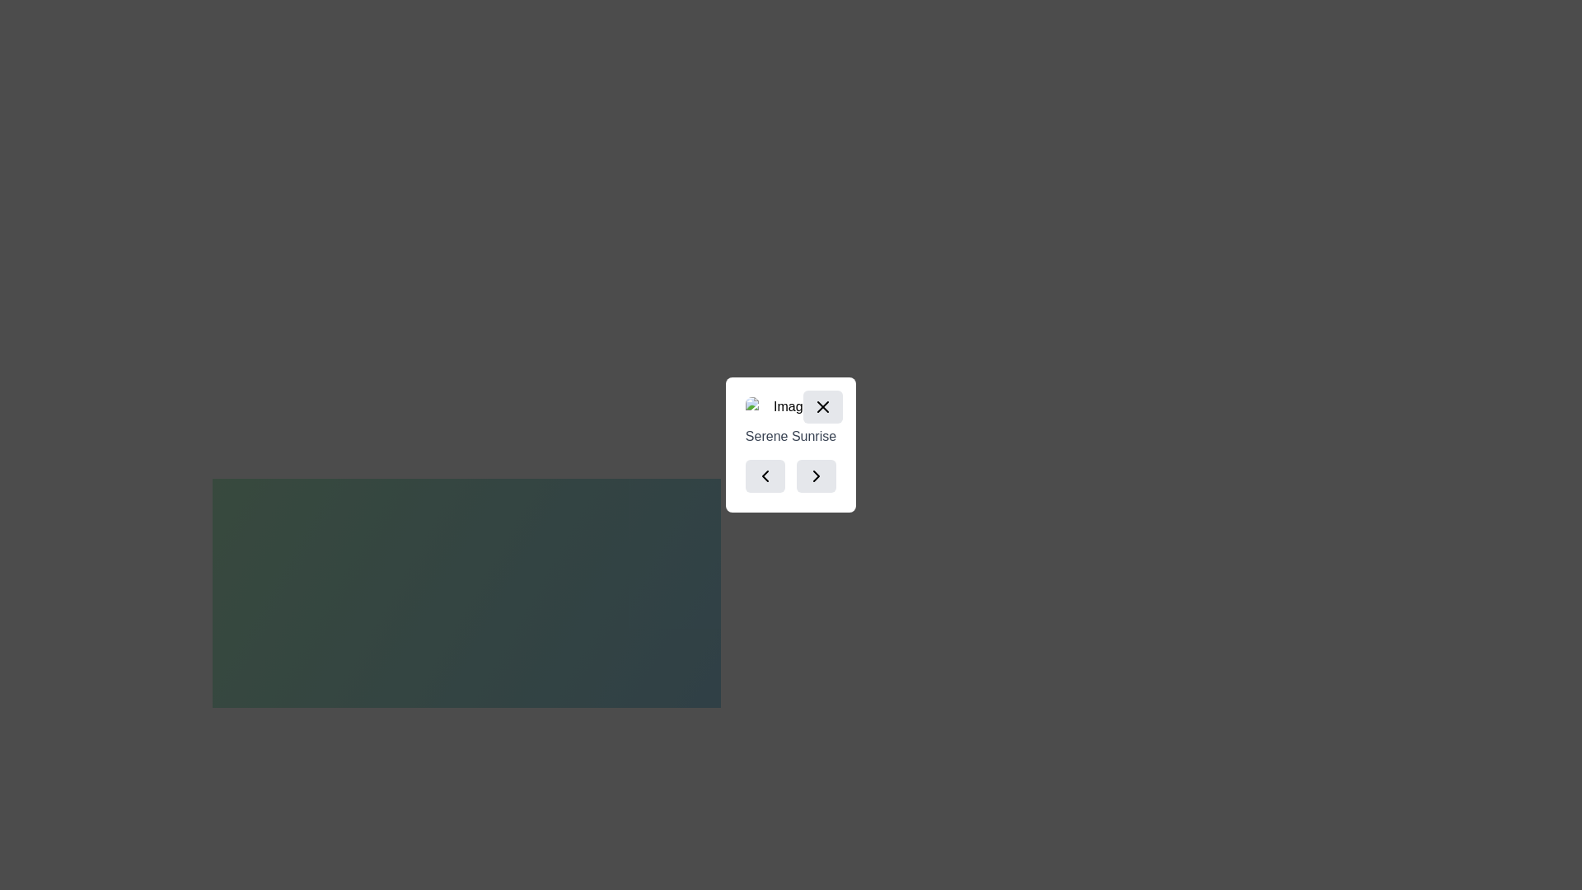 The image size is (1582, 890). Describe the element at coordinates (466, 583) in the screenshot. I see `the rectangular Background section with a gradient from green` at that location.